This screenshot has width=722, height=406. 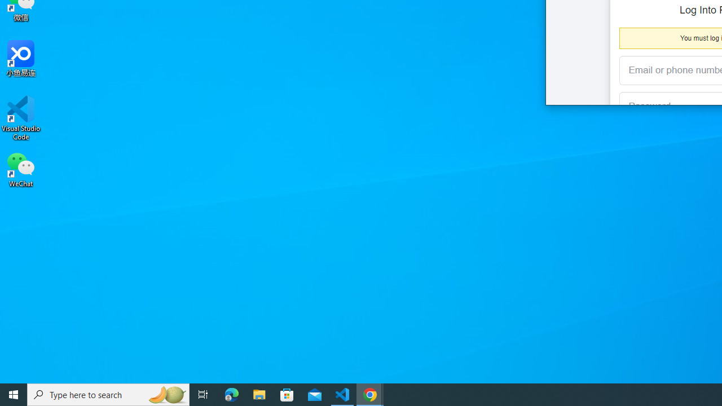 What do you see at coordinates (370, 394) in the screenshot?
I see `'Google Chrome - 2 running windows'` at bounding box center [370, 394].